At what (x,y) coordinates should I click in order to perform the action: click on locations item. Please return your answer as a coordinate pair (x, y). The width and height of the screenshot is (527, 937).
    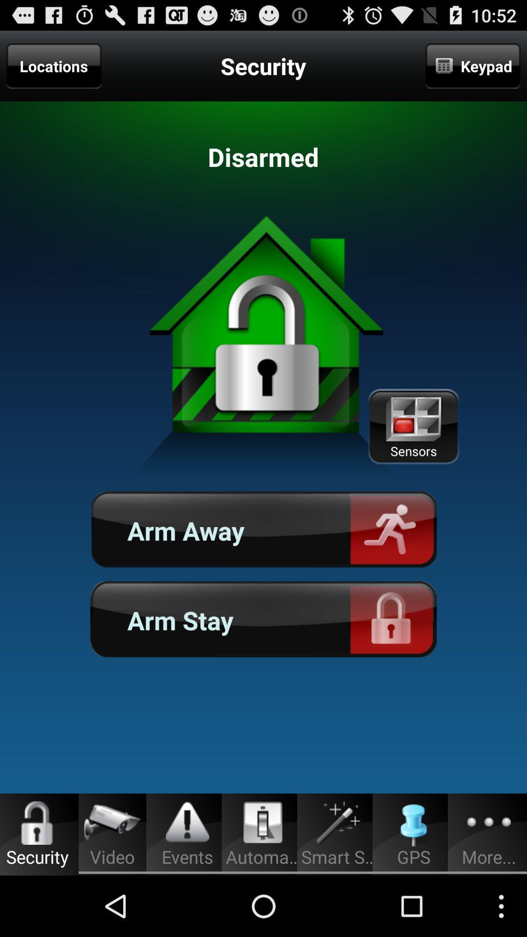
    Looking at the image, I should click on (54, 65).